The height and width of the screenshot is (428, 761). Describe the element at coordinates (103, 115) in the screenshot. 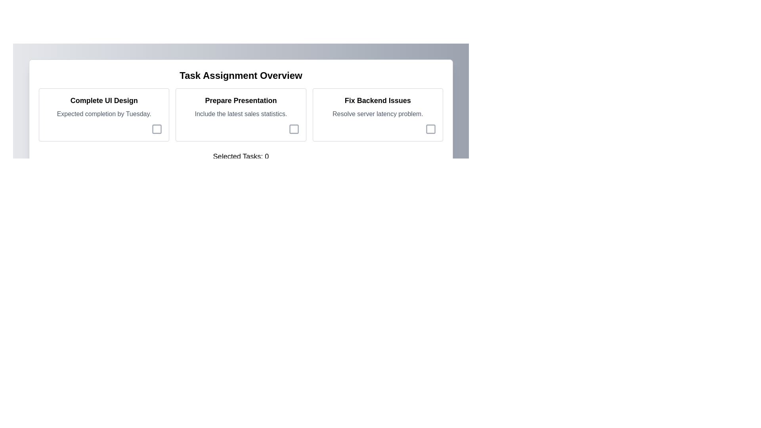

I see `the task card labeled 'Complete UI Design'` at that location.